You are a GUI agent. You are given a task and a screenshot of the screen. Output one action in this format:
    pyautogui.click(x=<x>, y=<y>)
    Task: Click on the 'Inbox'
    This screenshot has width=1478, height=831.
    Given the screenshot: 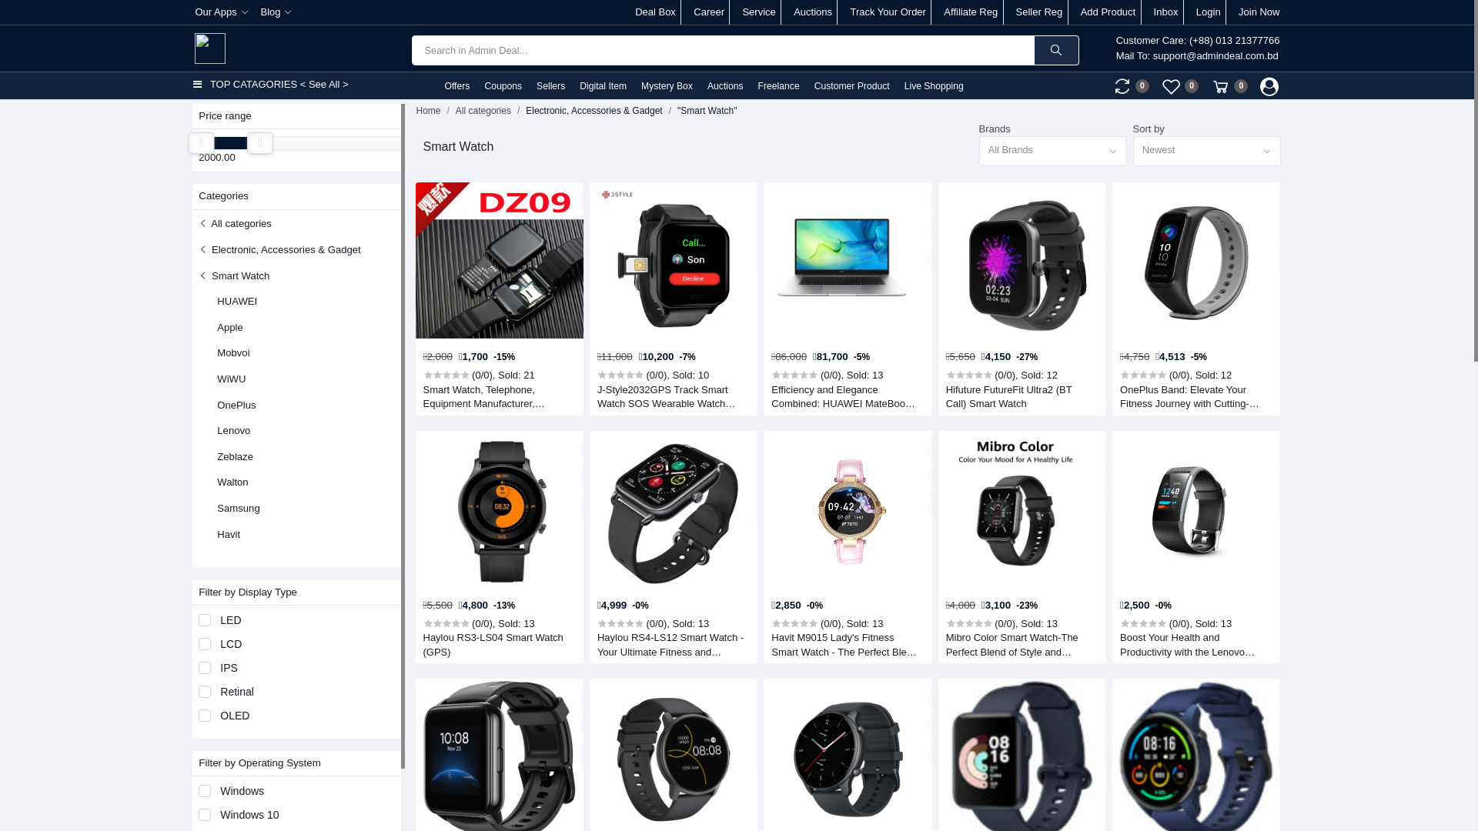 What is the action you would take?
    pyautogui.click(x=1166, y=12)
    